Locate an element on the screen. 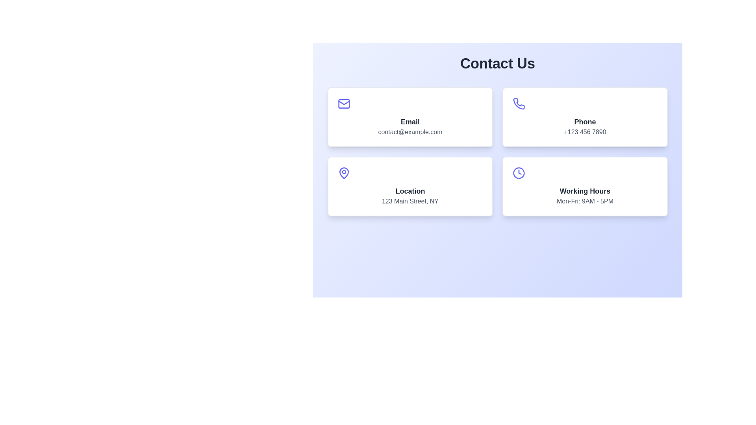  the bold text label 'Working Hours', which is positioned inside a white card at the bottom-right corner of a grid layout, above the text 'Mon-Fri: 9AM - 5PM' and to the right of a clock icon is located at coordinates (585, 191).